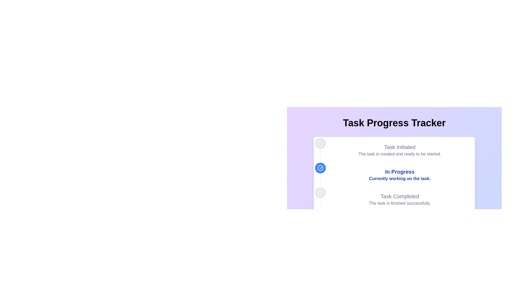  What do you see at coordinates (394, 150) in the screenshot?
I see `the task status indicator text display located in the upper-left quadrant of the task progress tracker interface` at bounding box center [394, 150].